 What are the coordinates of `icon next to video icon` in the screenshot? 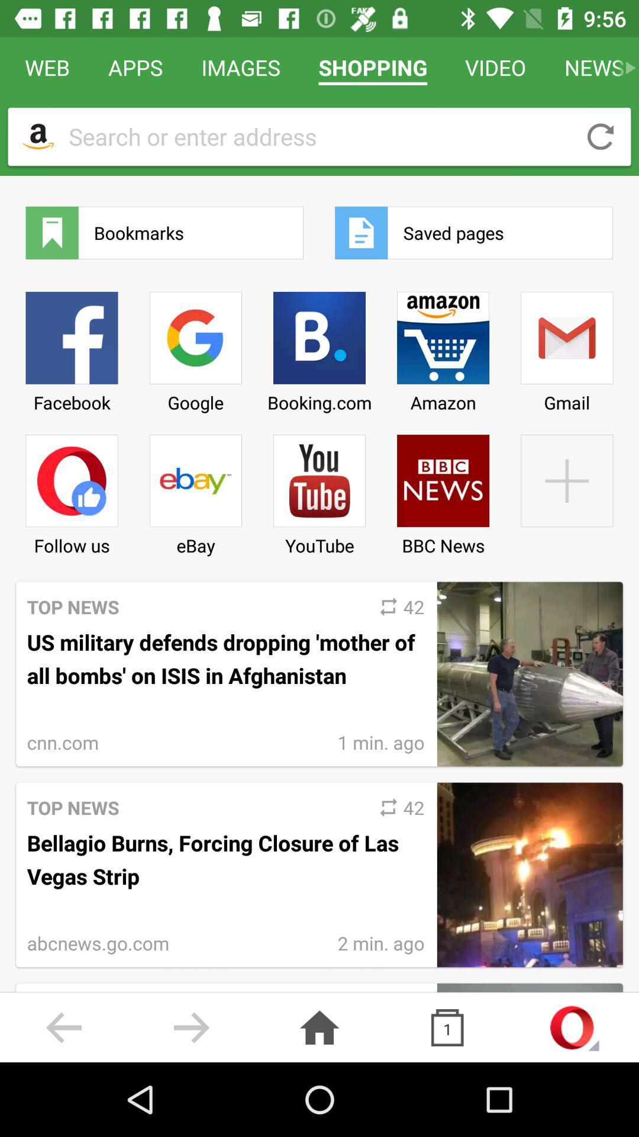 It's located at (373, 67).